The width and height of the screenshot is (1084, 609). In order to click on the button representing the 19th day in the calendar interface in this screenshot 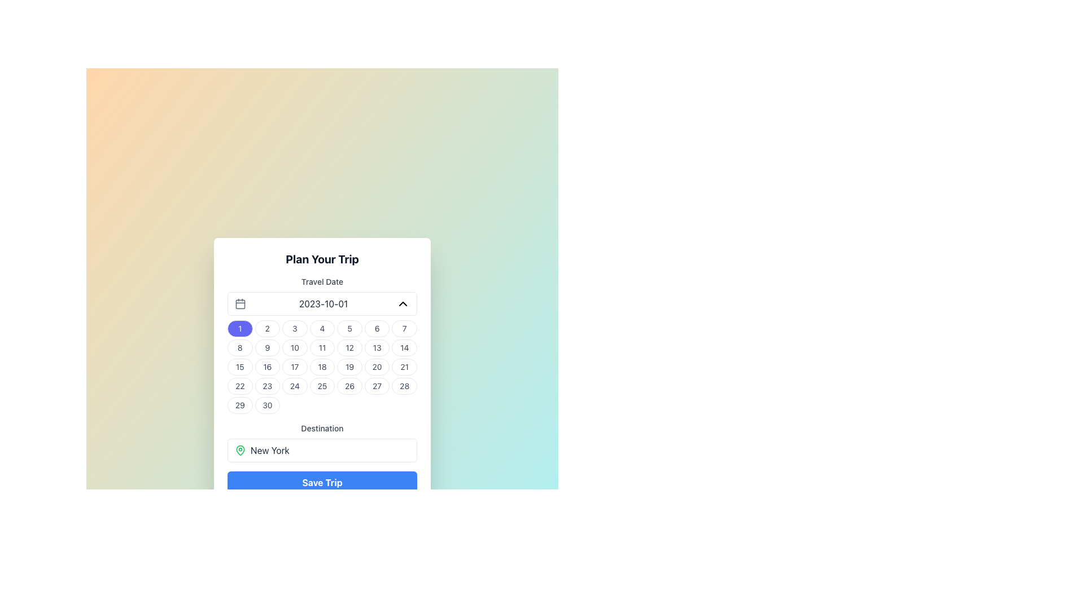, I will do `click(349, 367)`.